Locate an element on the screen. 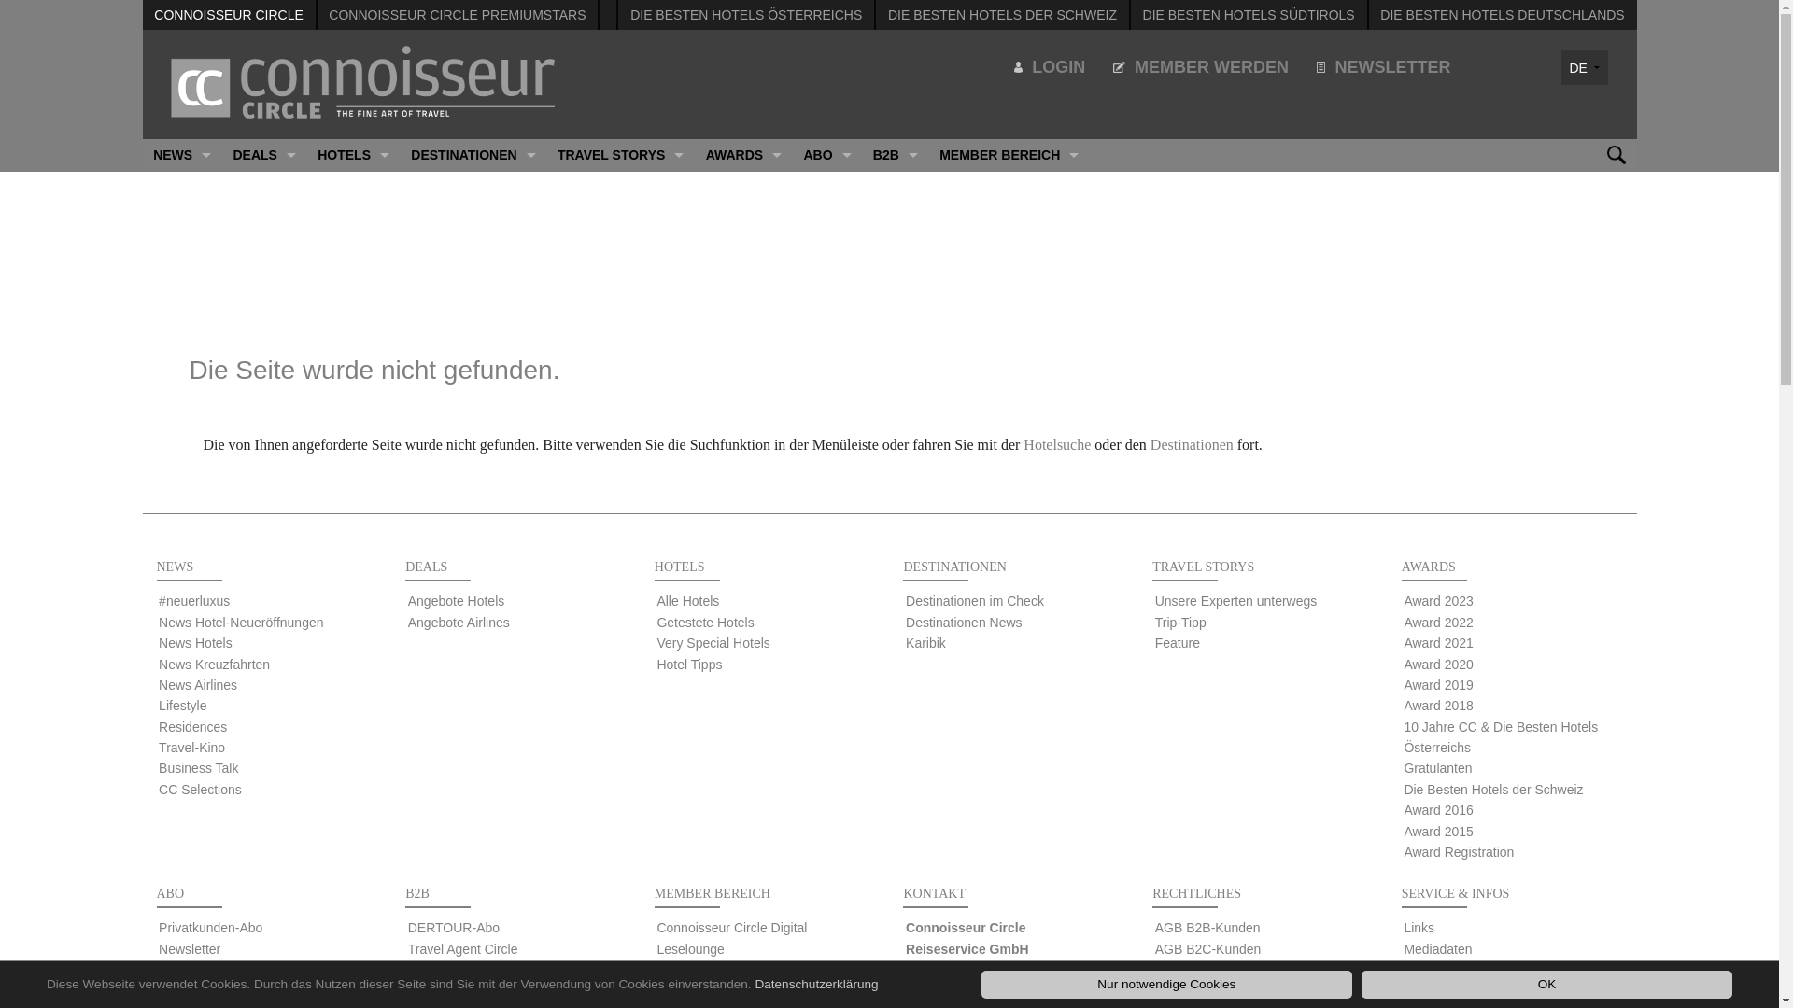 This screenshot has height=1008, width=1793. 'NEWS' is located at coordinates (181, 154).